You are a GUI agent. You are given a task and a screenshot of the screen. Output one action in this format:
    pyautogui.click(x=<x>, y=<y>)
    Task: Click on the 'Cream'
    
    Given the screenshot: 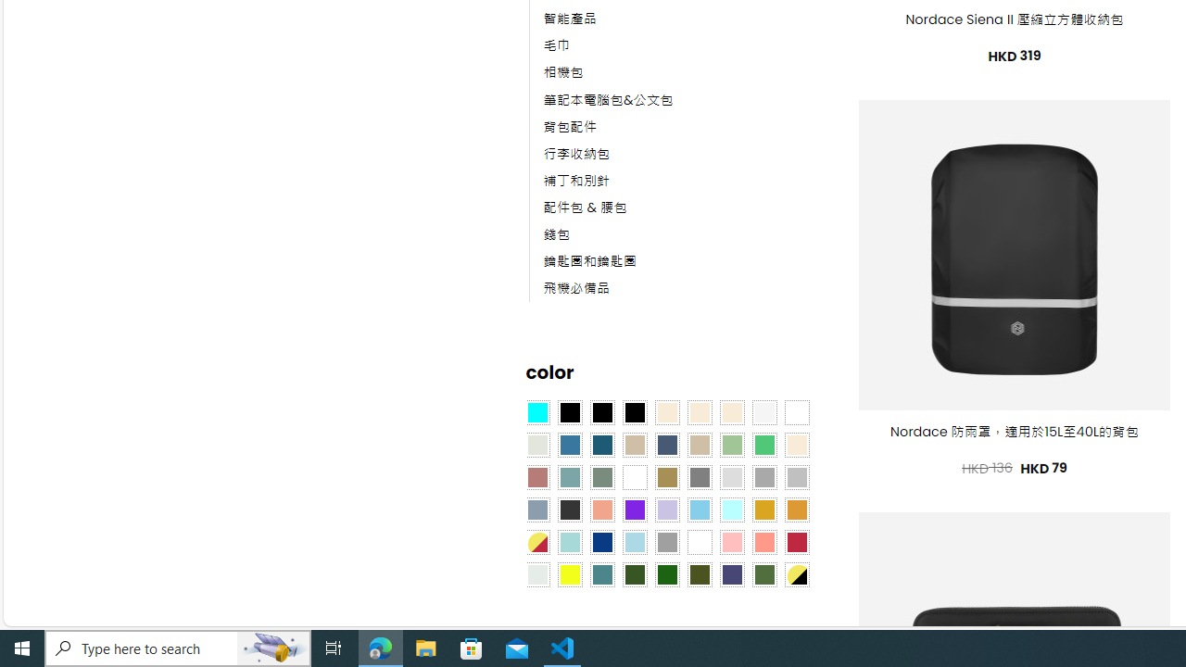 What is the action you would take?
    pyautogui.click(x=730, y=410)
    